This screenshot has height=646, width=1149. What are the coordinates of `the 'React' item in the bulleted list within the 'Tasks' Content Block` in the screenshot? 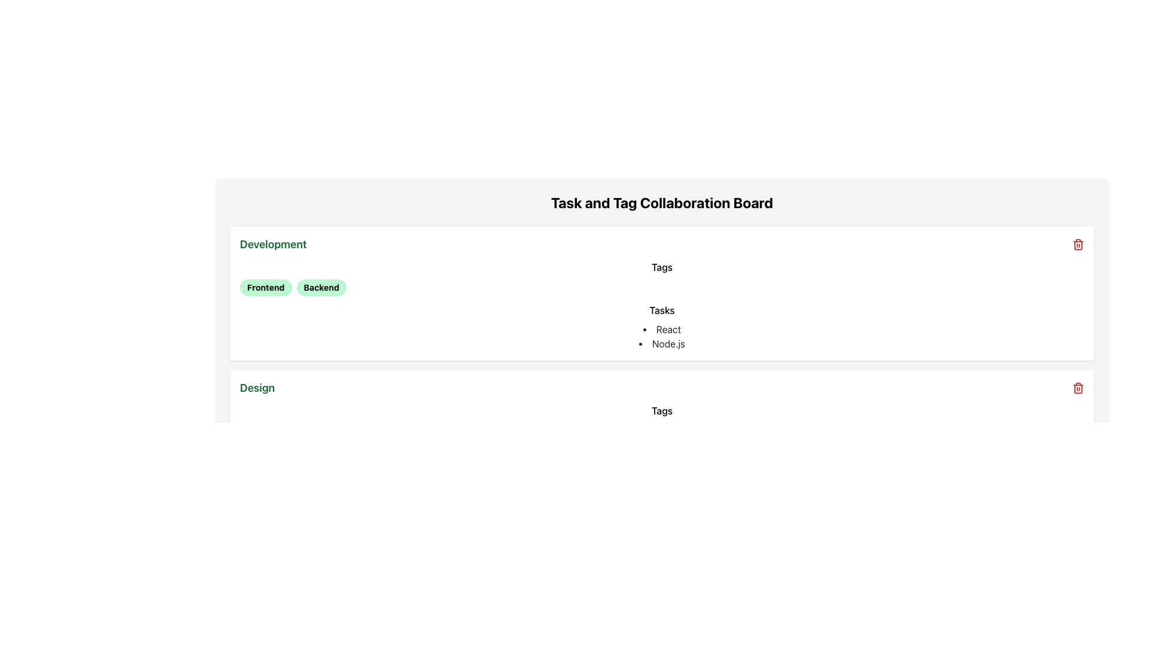 It's located at (661, 327).